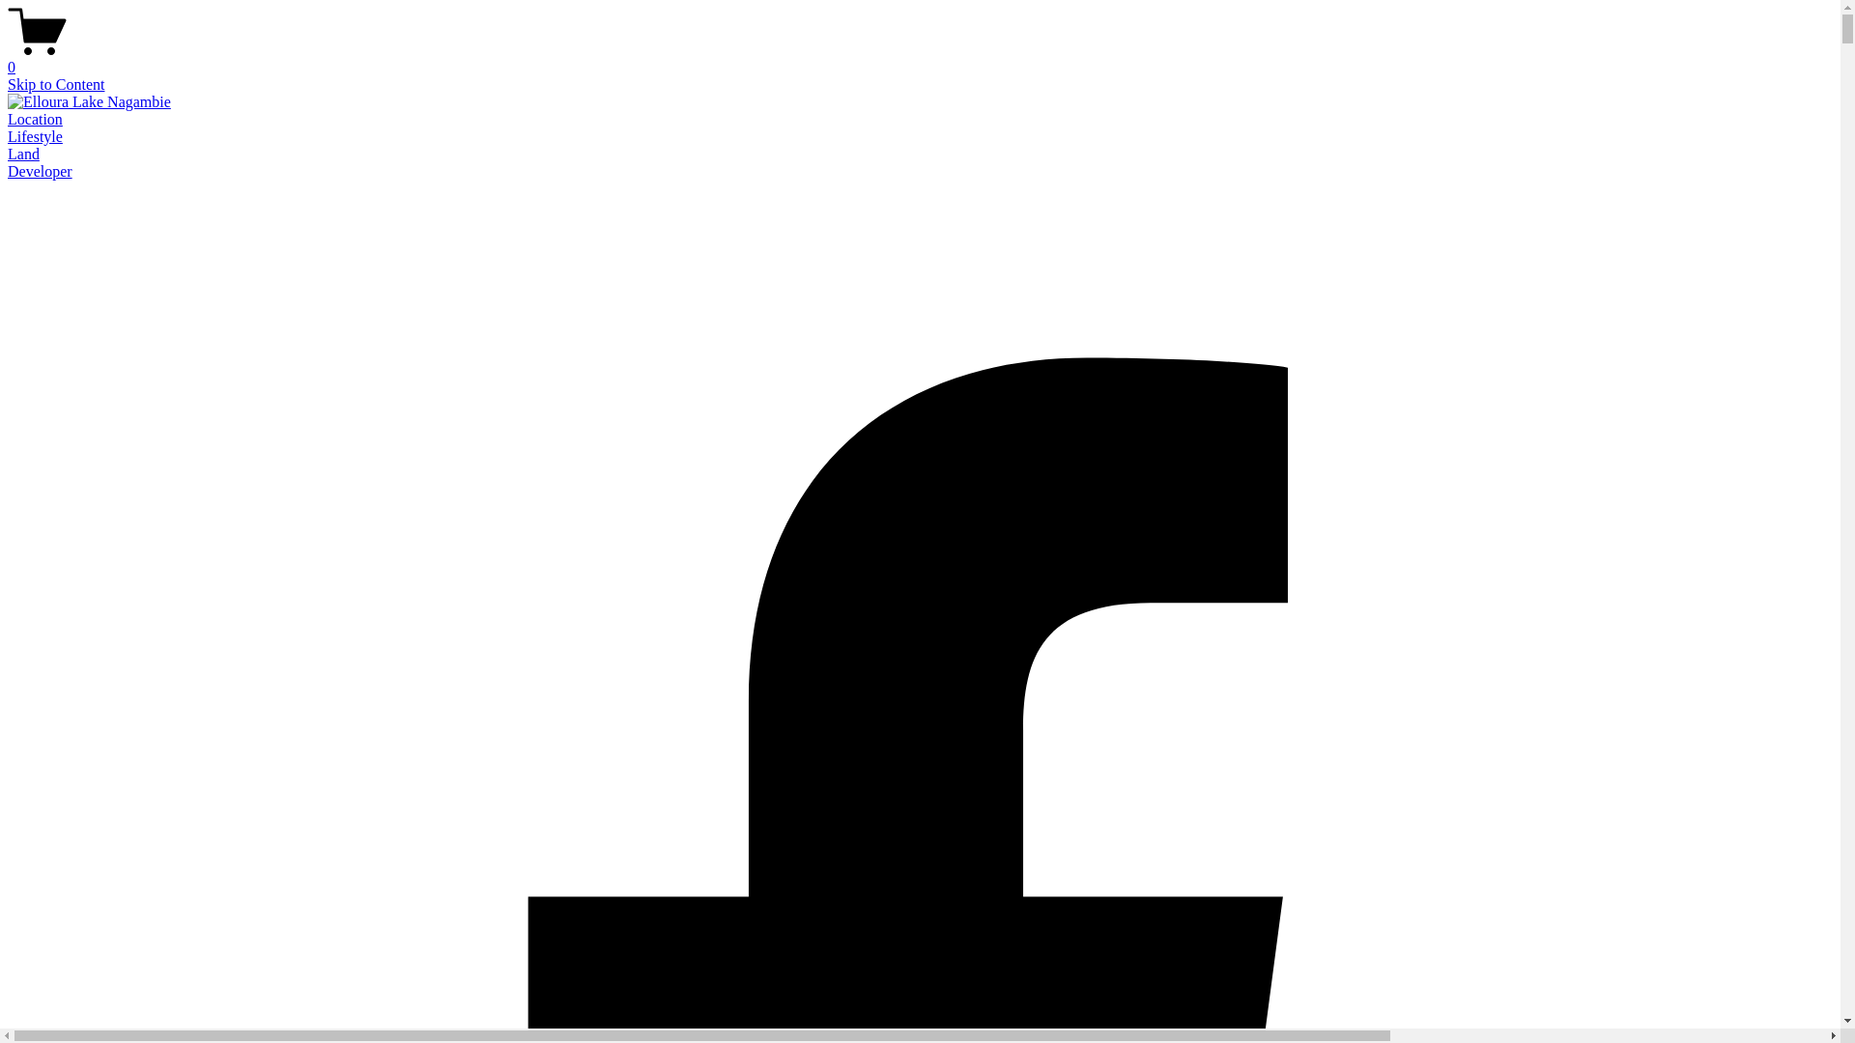 This screenshot has height=1043, width=1855. Describe the element at coordinates (35, 135) in the screenshot. I see `'Lifestyle'` at that location.